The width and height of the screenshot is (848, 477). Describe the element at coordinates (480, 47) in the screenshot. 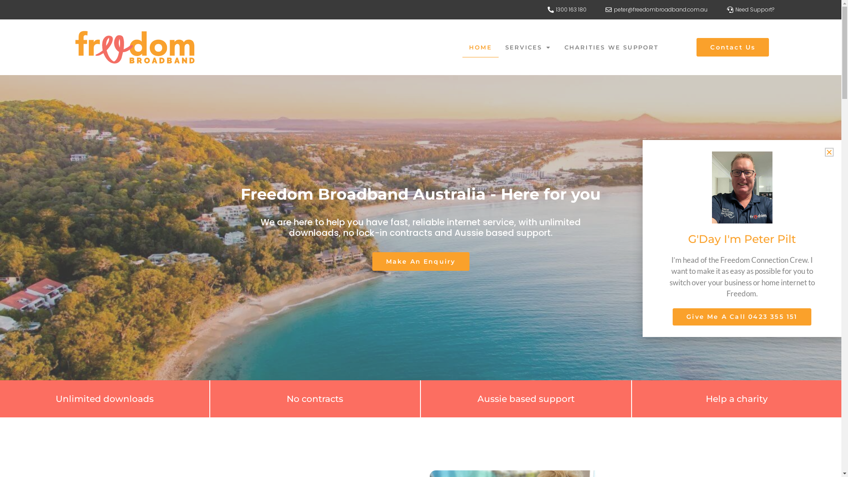

I see `'HOME'` at that location.